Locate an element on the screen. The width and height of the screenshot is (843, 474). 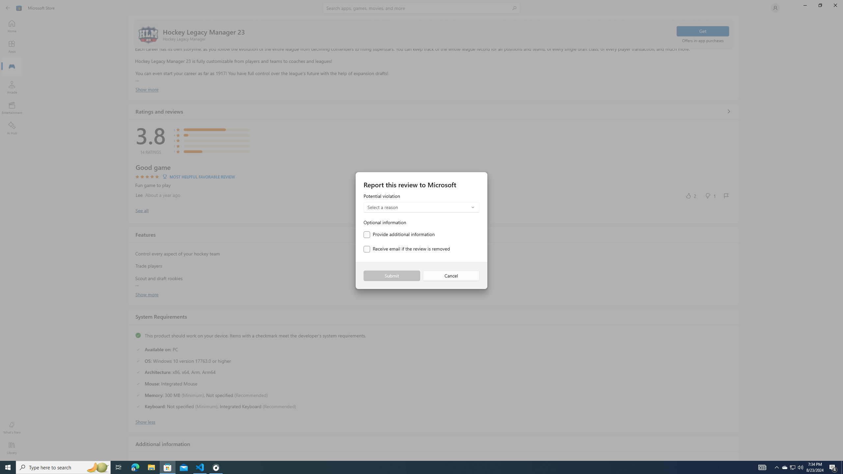
'Show more' is located at coordinates (147, 294).